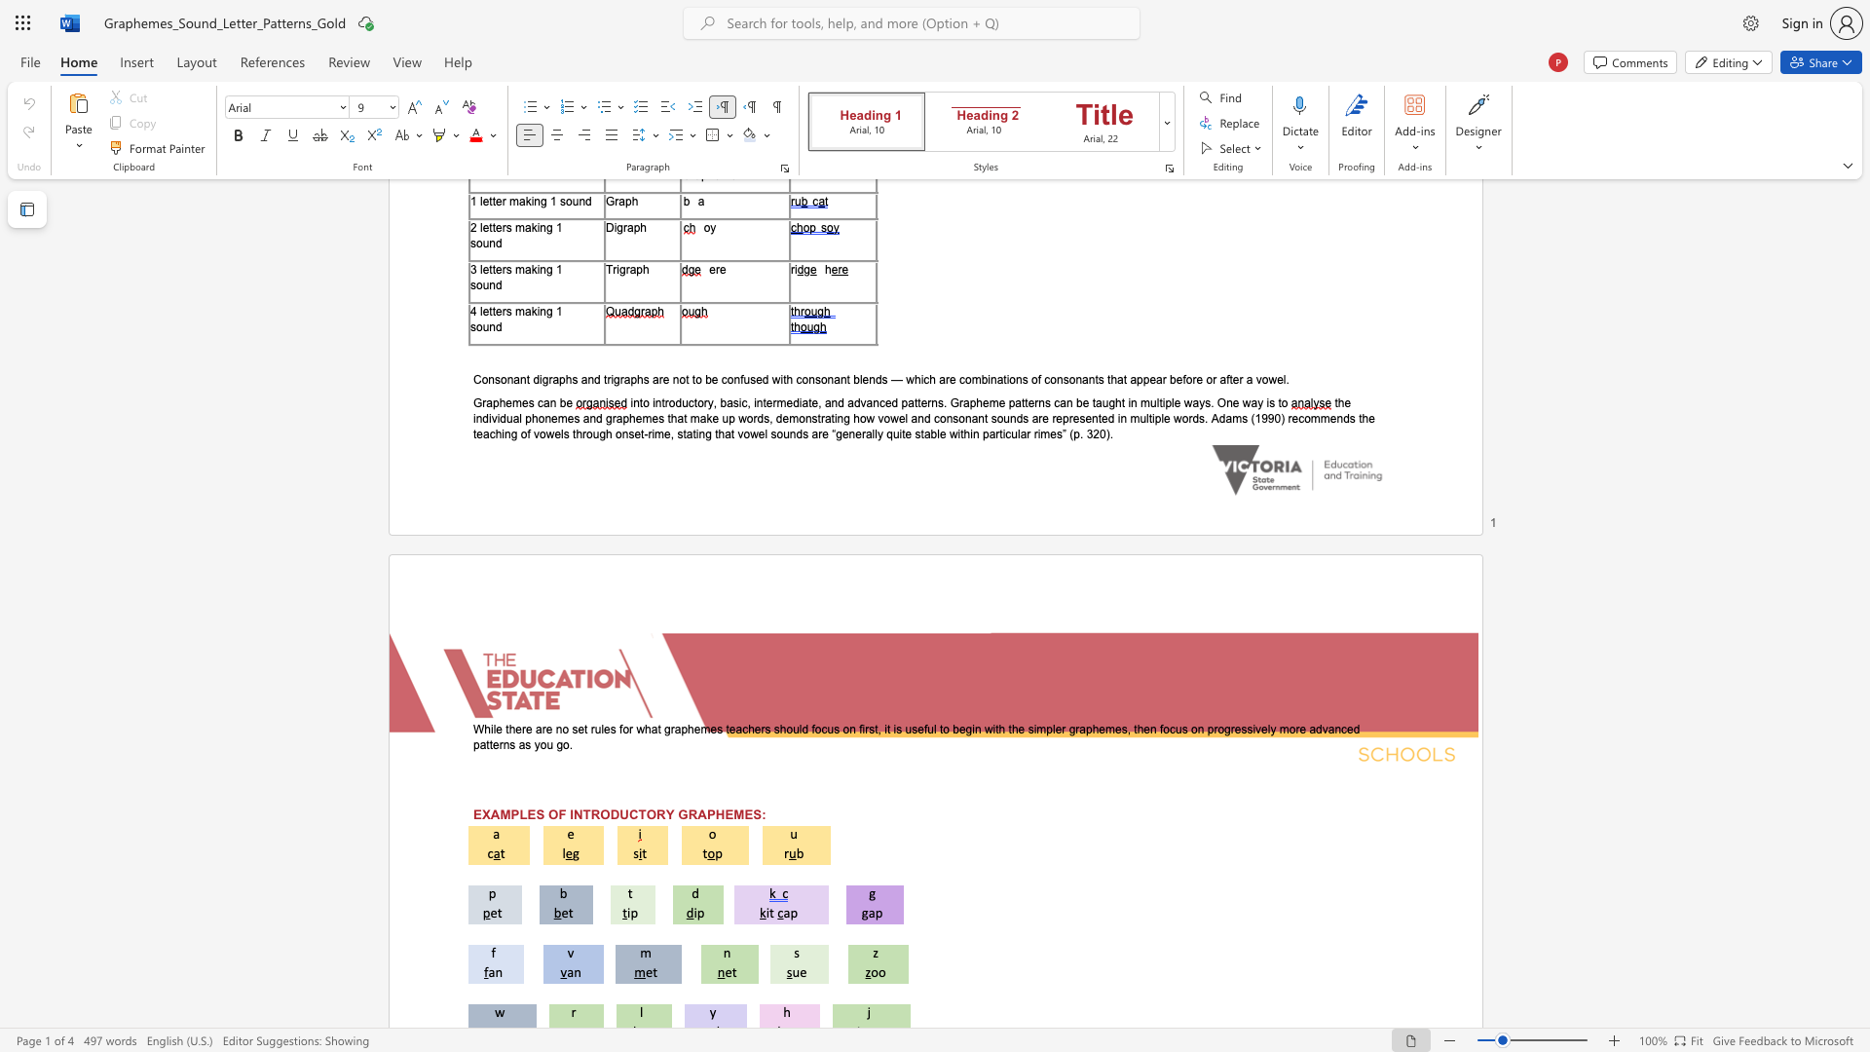  What do you see at coordinates (481, 814) in the screenshot?
I see `the subset text "XAMP" within the text "EXAMPLES OF INTRODUCTORY GRAPHEMES:"` at bounding box center [481, 814].